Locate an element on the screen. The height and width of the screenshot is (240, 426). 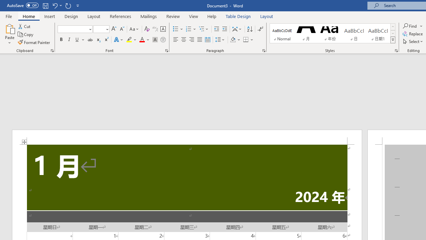
'Replace...' is located at coordinates (413, 34).